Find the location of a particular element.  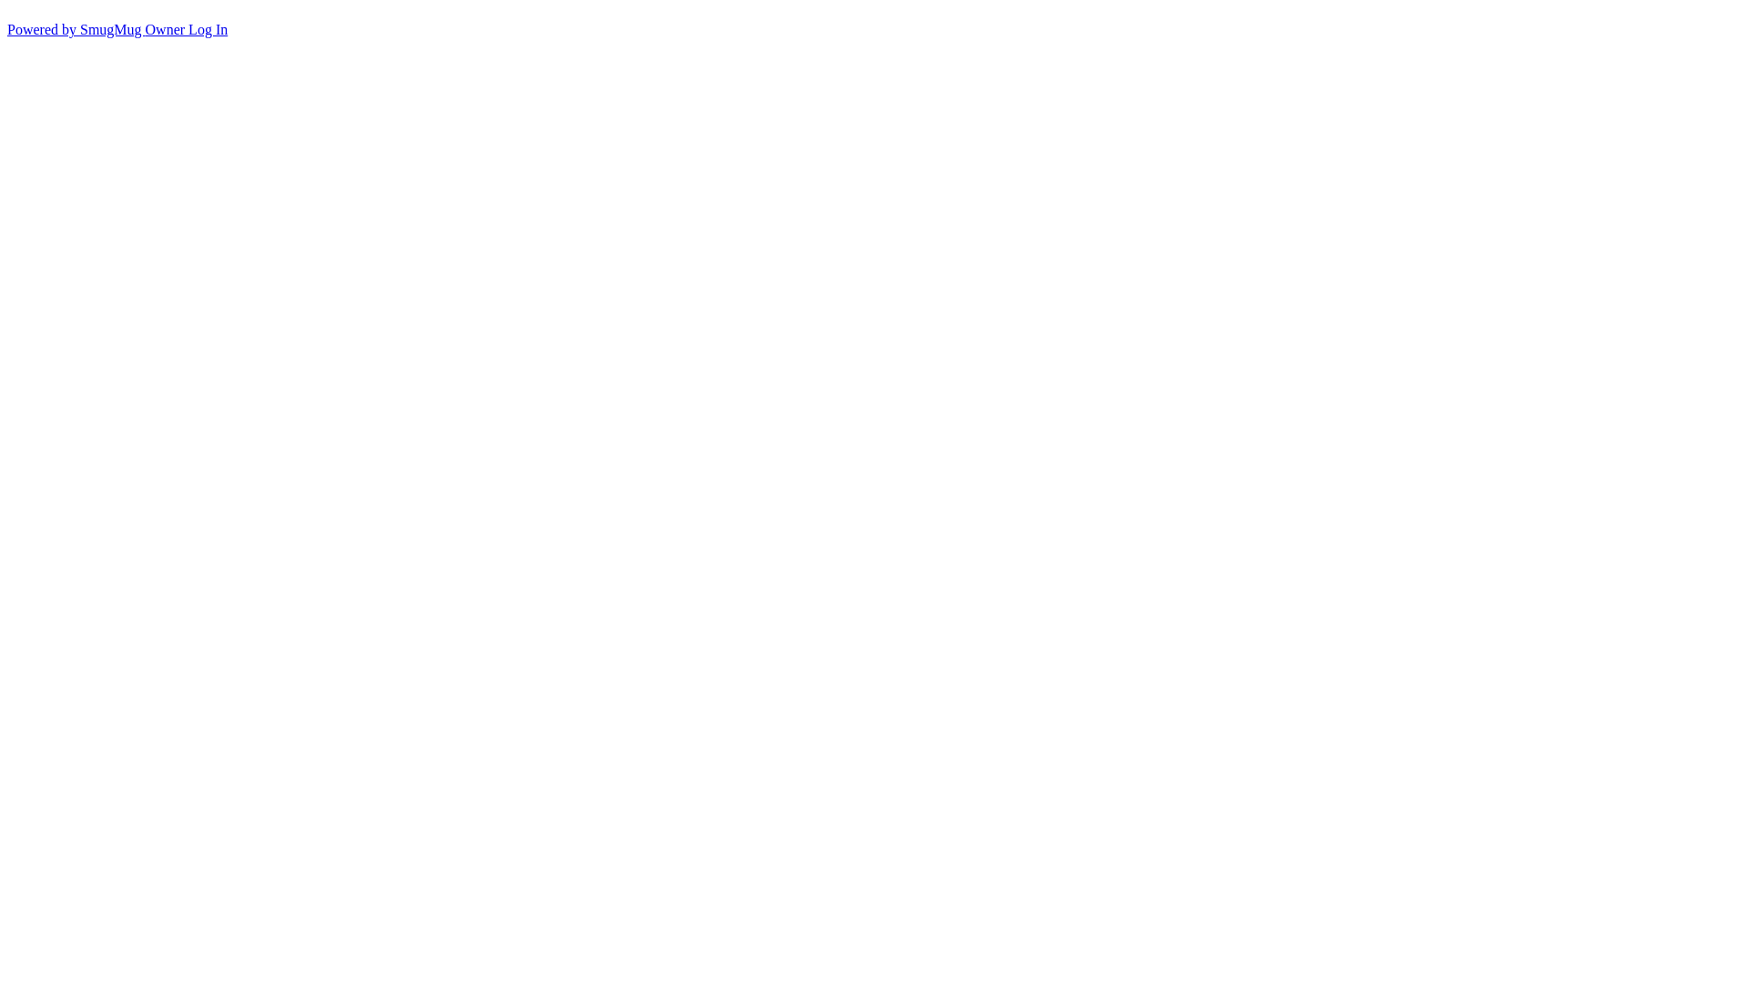

'Powered by SmugMug' is located at coordinates (7, 29).